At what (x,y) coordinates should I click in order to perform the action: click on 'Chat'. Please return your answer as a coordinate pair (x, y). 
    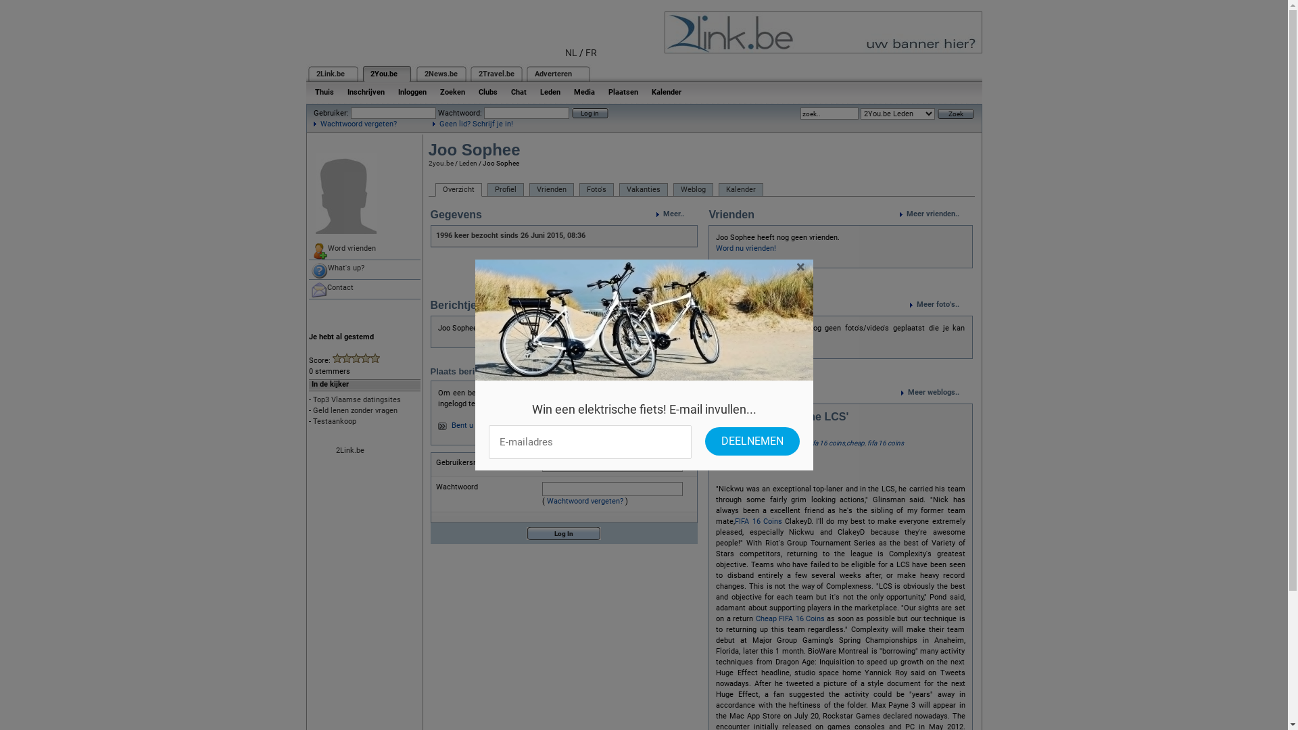
    Looking at the image, I should click on (518, 91).